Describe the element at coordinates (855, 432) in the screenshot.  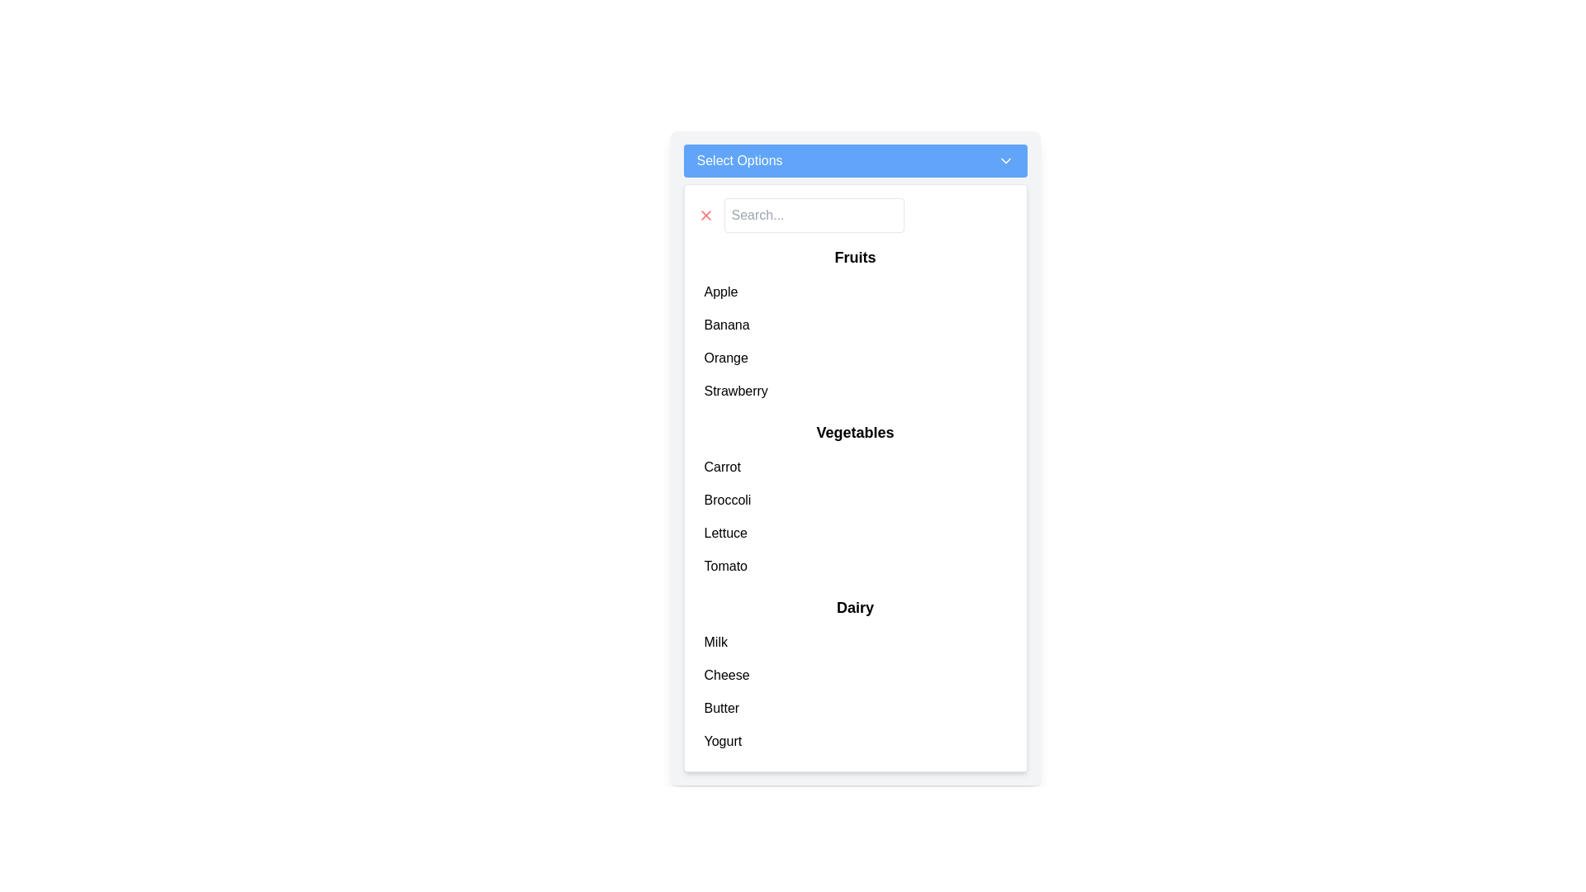
I see `text label that serves as a category identifier for the vegetable section, positioned at the top of the subgroup containing vegetable items` at that location.